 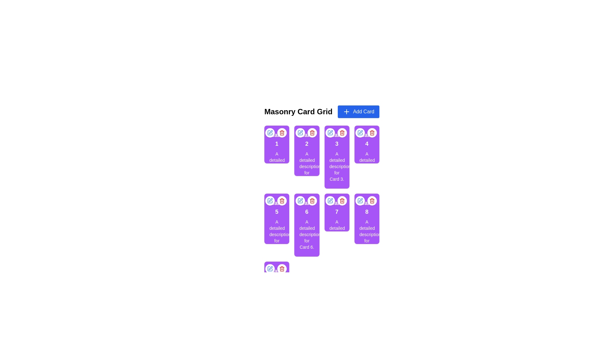 What do you see at coordinates (330, 132) in the screenshot?
I see `the blue square pen icon located in the top-left corner of the card labeled '3' to initiate editing` at bounding box center [330, 132].